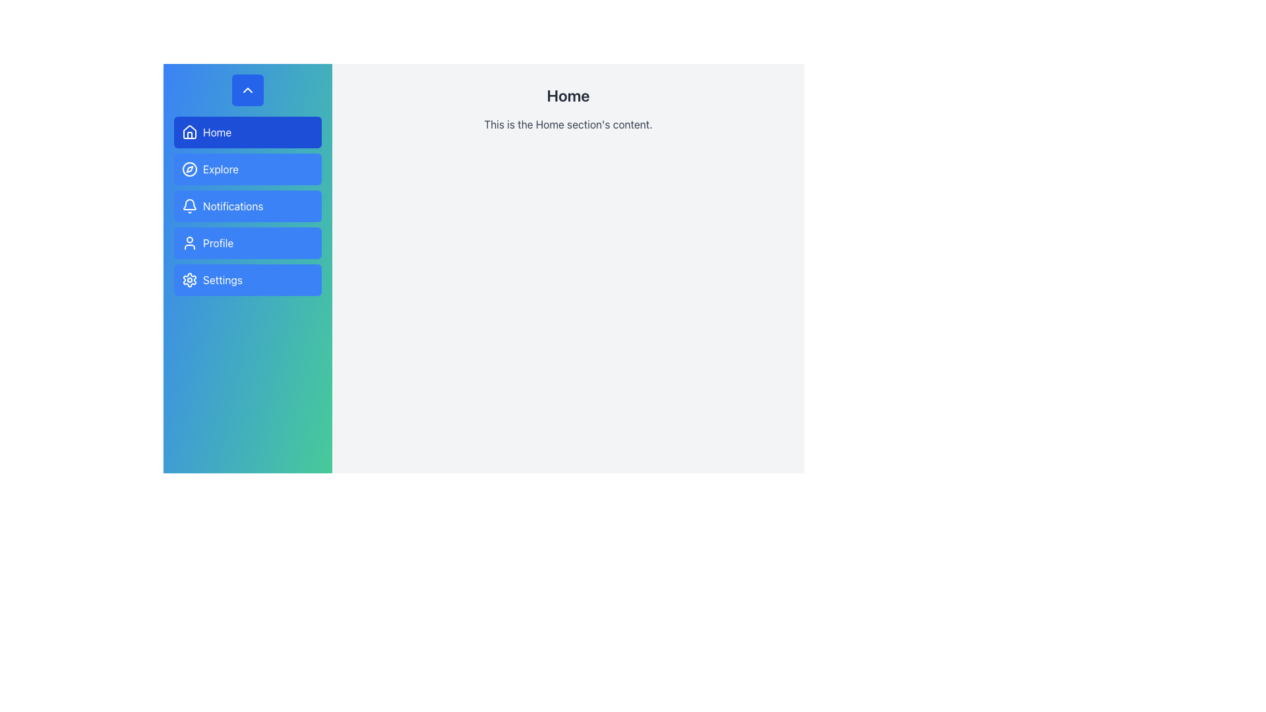  I want to click on the toggle button for the sidebar located at the top left, above the menu items like 'Home' and 'Explore', so click(247, 90).